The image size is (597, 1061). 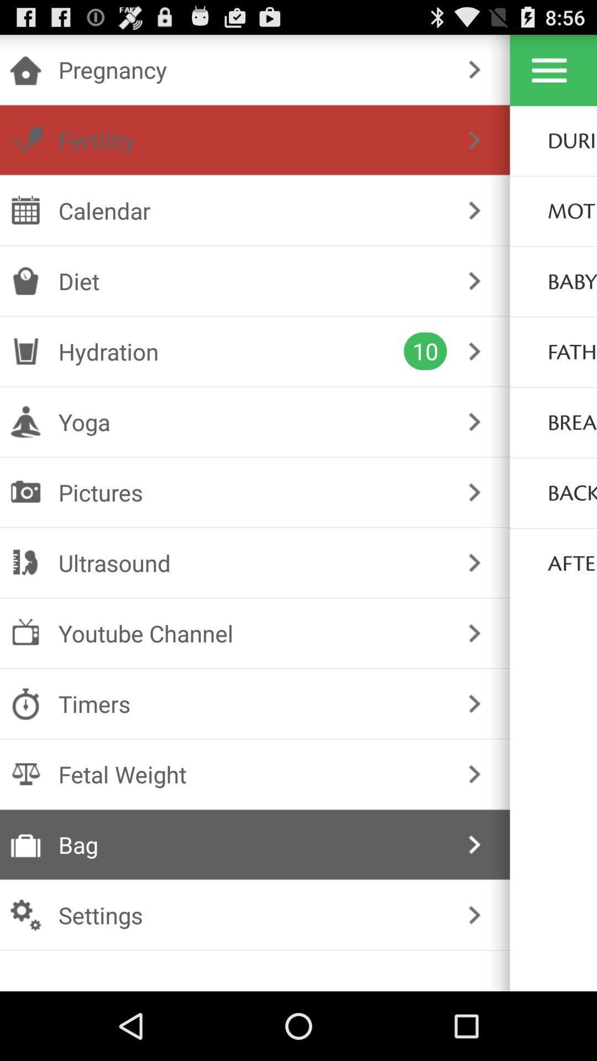 What do you see at coordinates (253, 492) in the screenshot?
I see `the pictures icon` at bounding box center [253, 492].